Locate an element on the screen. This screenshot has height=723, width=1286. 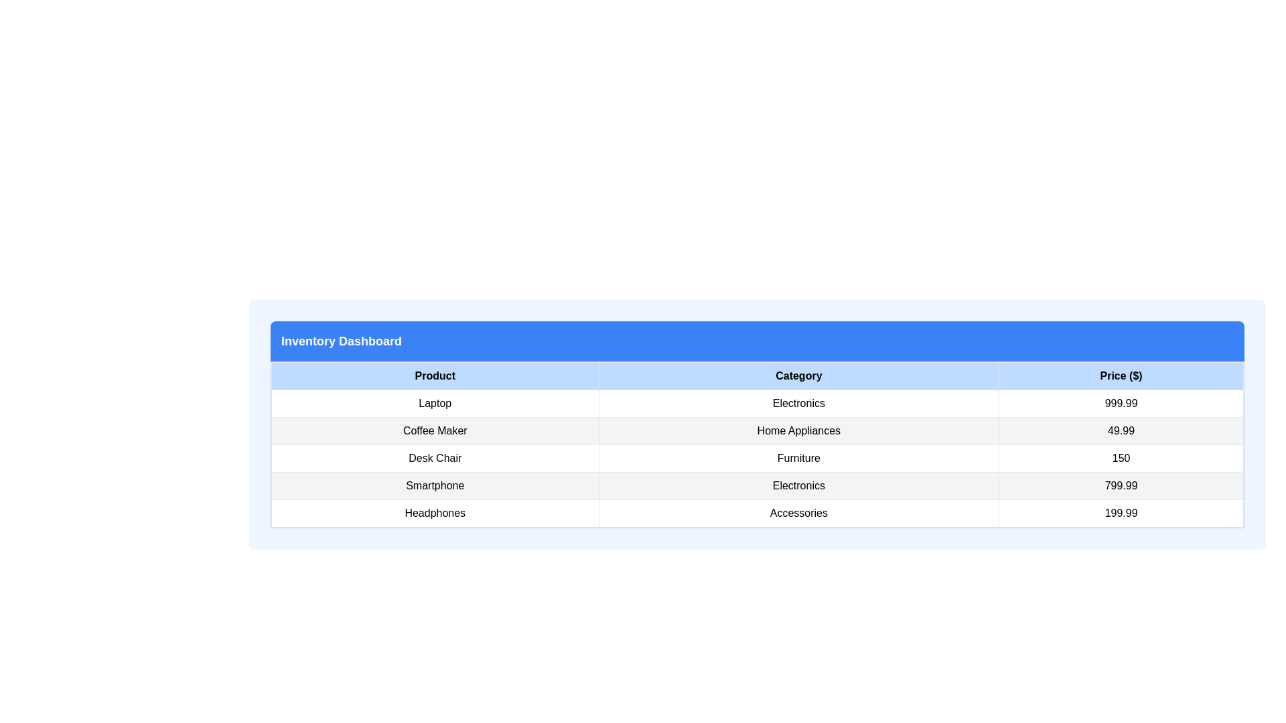
the product name text label in the first column of the inventory table, which is adjacent to 'Electronics' is located at coordinates (435, 402).